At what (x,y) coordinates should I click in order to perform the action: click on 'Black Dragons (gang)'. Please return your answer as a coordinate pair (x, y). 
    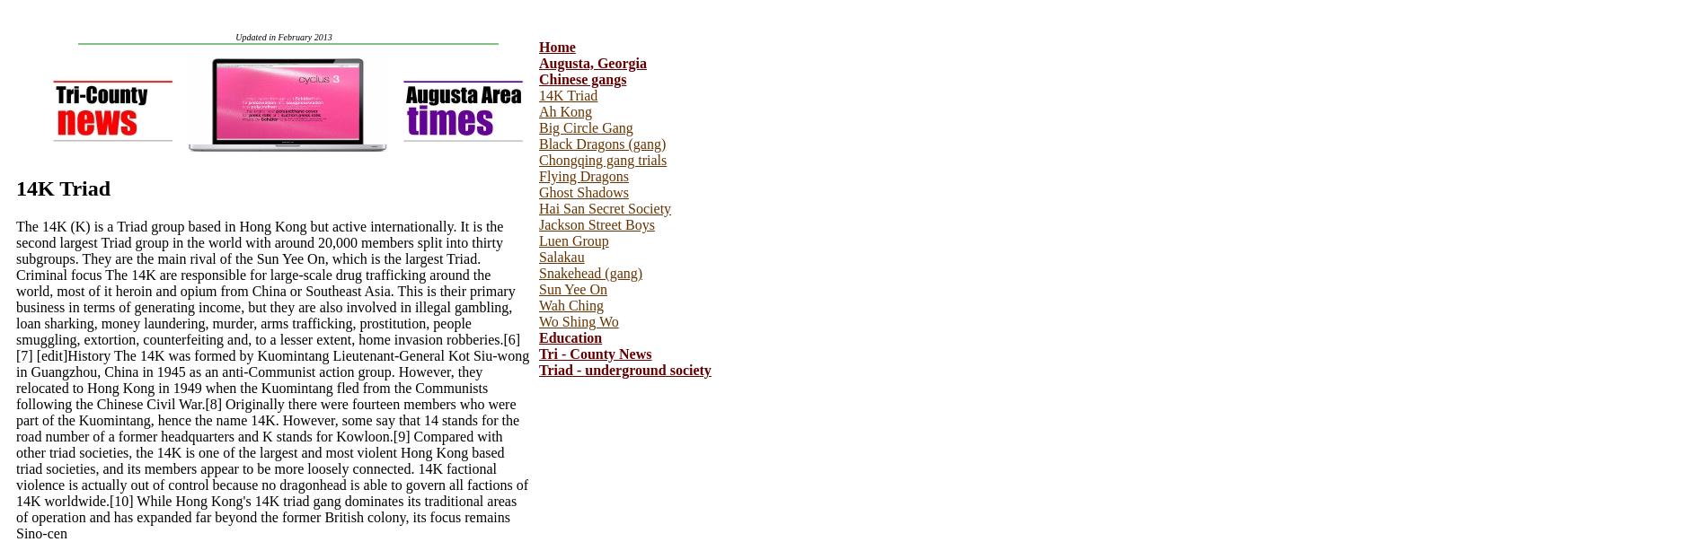
    Looking at the image, I should click on (602, 144).